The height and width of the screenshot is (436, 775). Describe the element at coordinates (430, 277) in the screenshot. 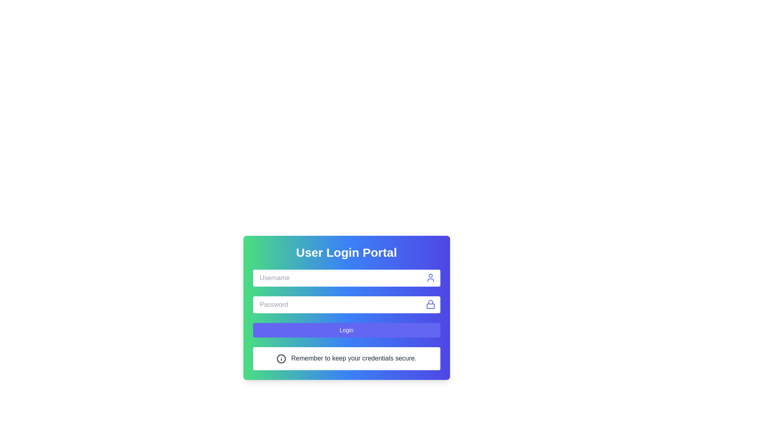

I see `the decorative icon located at the top-right corner of the username input field, which serves as a visual cue for entering a username` at that location.